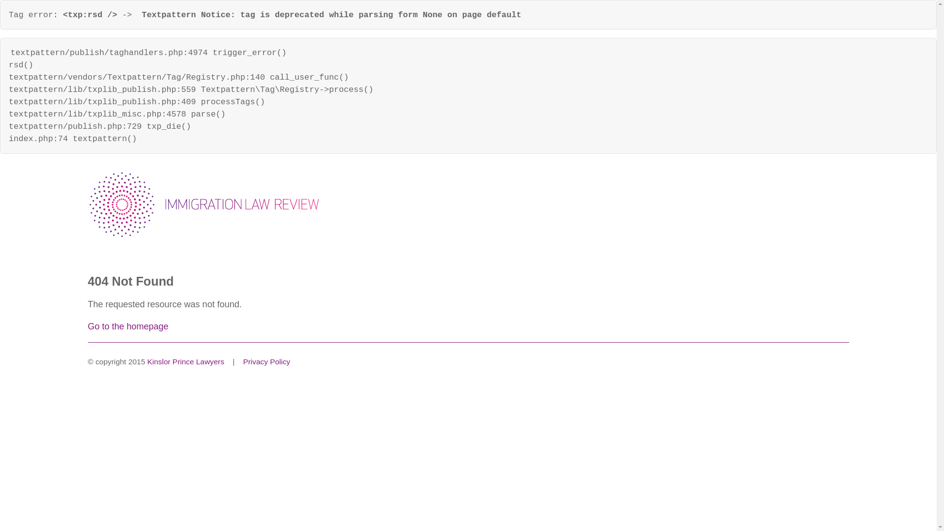  I want to click on 'Kinslor Prince Lawyers', so click(146, 361).